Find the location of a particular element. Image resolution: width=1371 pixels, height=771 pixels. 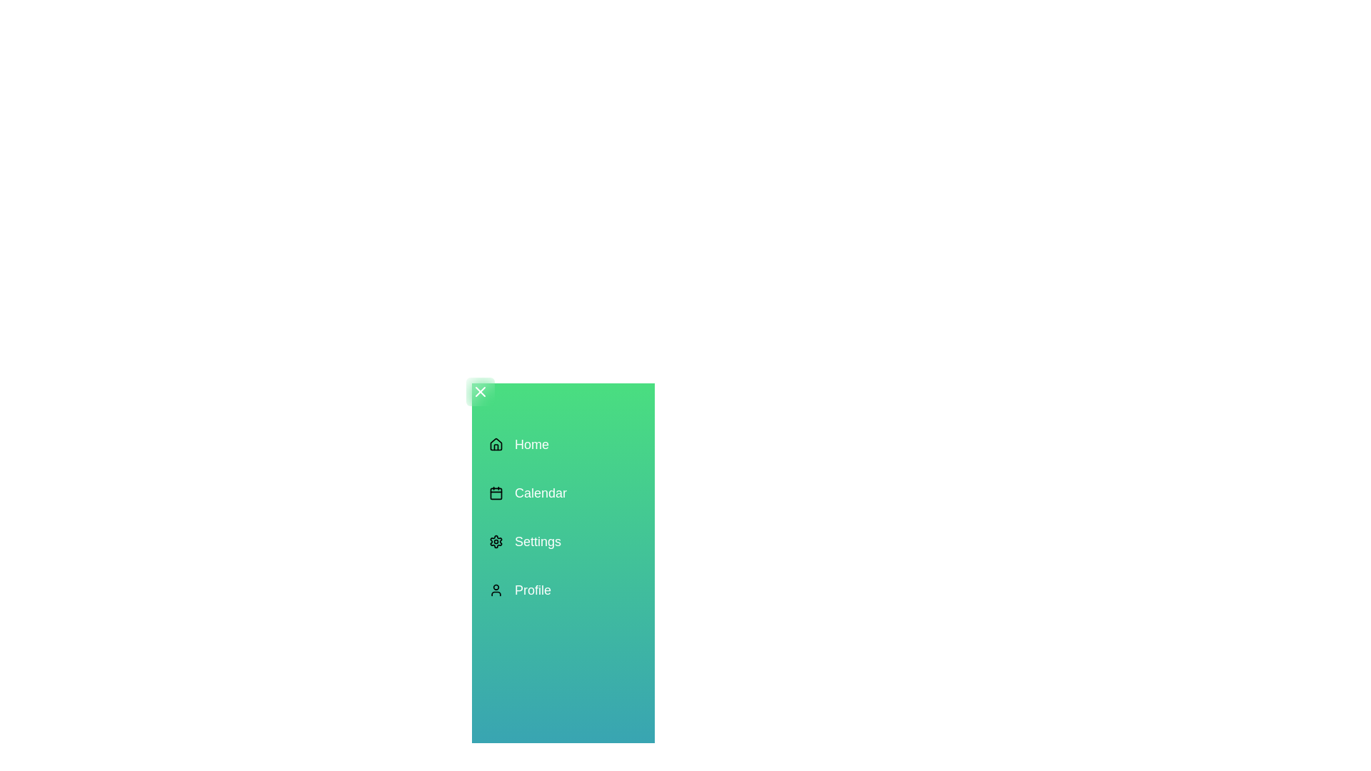

on the settings menu icon, which is the third option in the vertical menu located between the calendar icon and the profile icon is located at coordinates (496, 542).